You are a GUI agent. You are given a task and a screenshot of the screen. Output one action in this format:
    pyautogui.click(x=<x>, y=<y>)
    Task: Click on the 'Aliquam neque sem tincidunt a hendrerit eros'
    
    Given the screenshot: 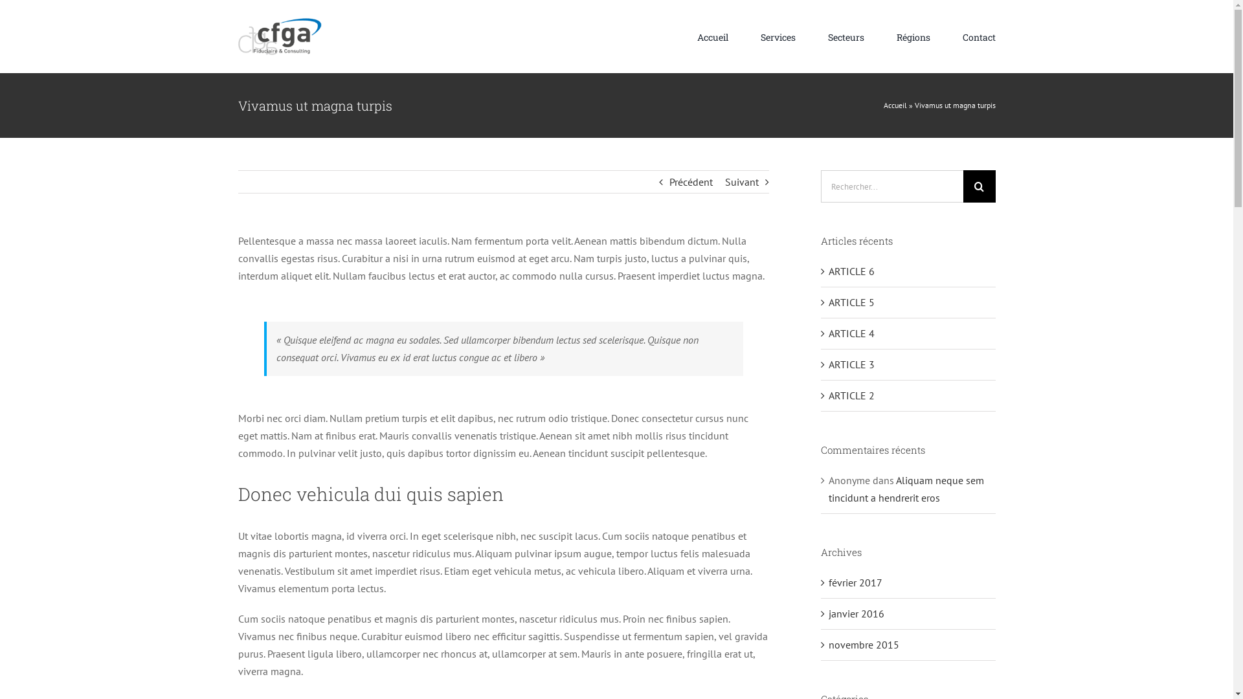 What is the action you would take?
    pyautogui.click(x=829, y=489)
    